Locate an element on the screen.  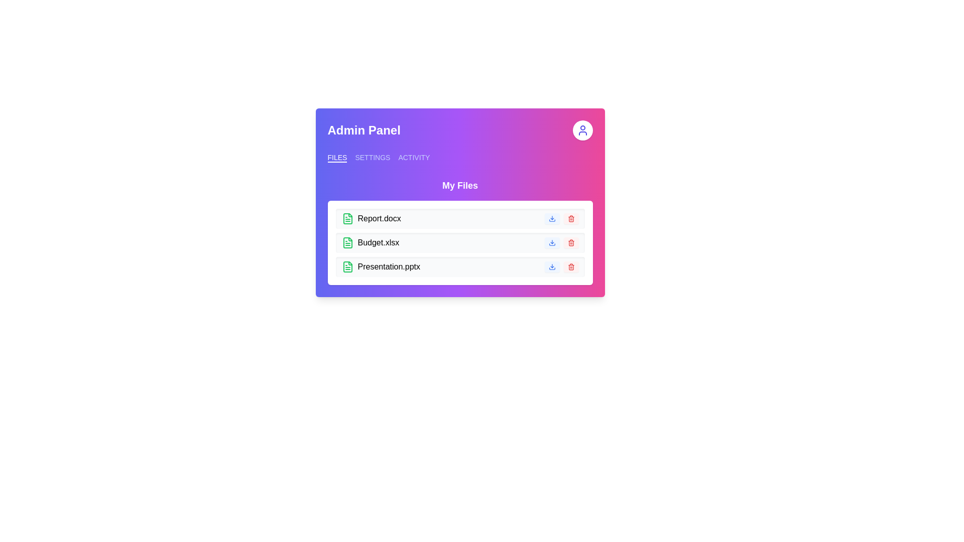
the 'FILES' tab in the navigation bar is located at coordinates (337, 157).